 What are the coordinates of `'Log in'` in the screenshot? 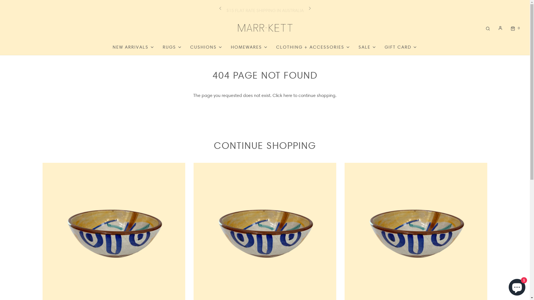 It's located at (500, 28).